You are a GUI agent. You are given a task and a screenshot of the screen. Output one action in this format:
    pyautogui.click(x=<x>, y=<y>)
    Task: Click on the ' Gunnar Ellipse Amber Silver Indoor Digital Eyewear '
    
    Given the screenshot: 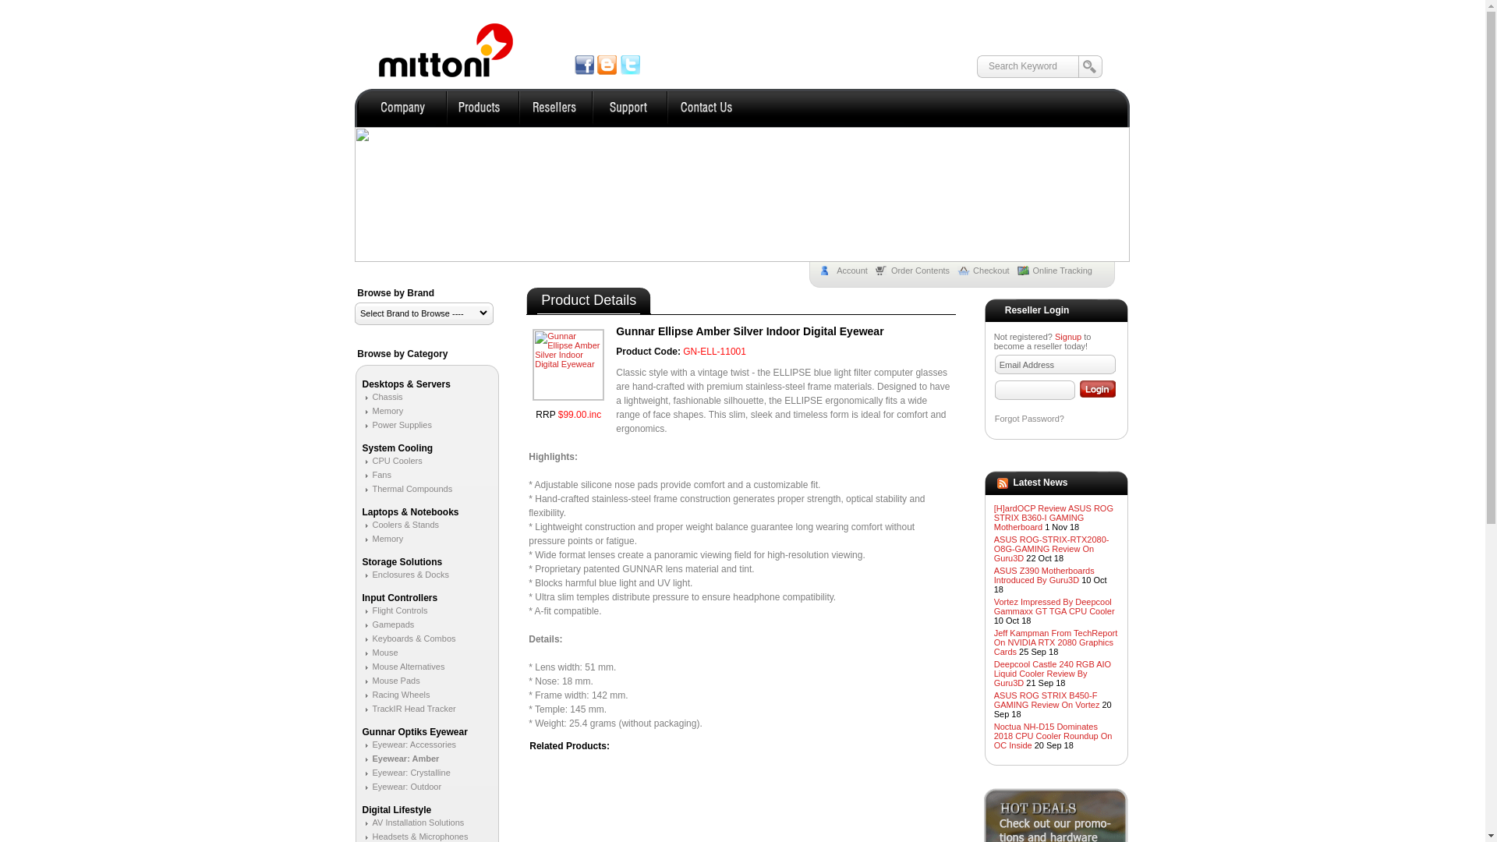 What is the action you would take?
    pyautogui.click(x=568, y=364)
    